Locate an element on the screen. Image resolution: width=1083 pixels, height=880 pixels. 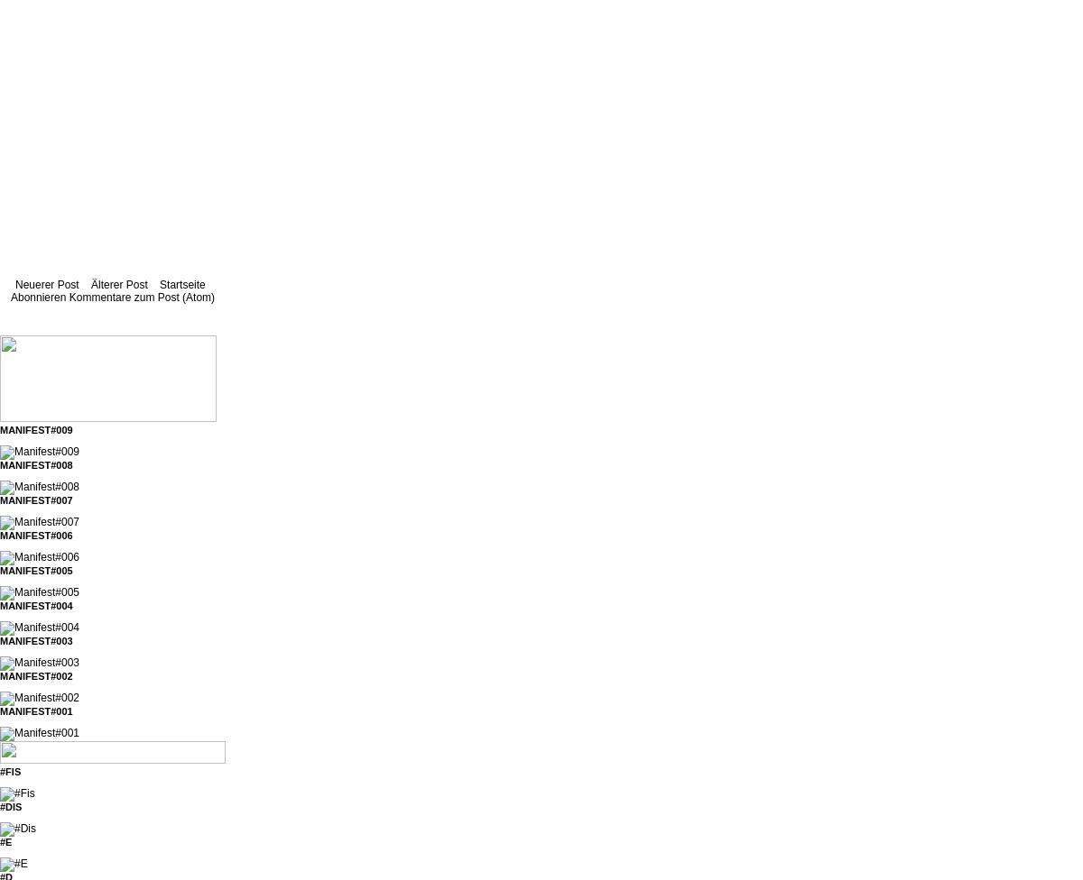
'Manifest#002' is located at coordinates (35, 675).